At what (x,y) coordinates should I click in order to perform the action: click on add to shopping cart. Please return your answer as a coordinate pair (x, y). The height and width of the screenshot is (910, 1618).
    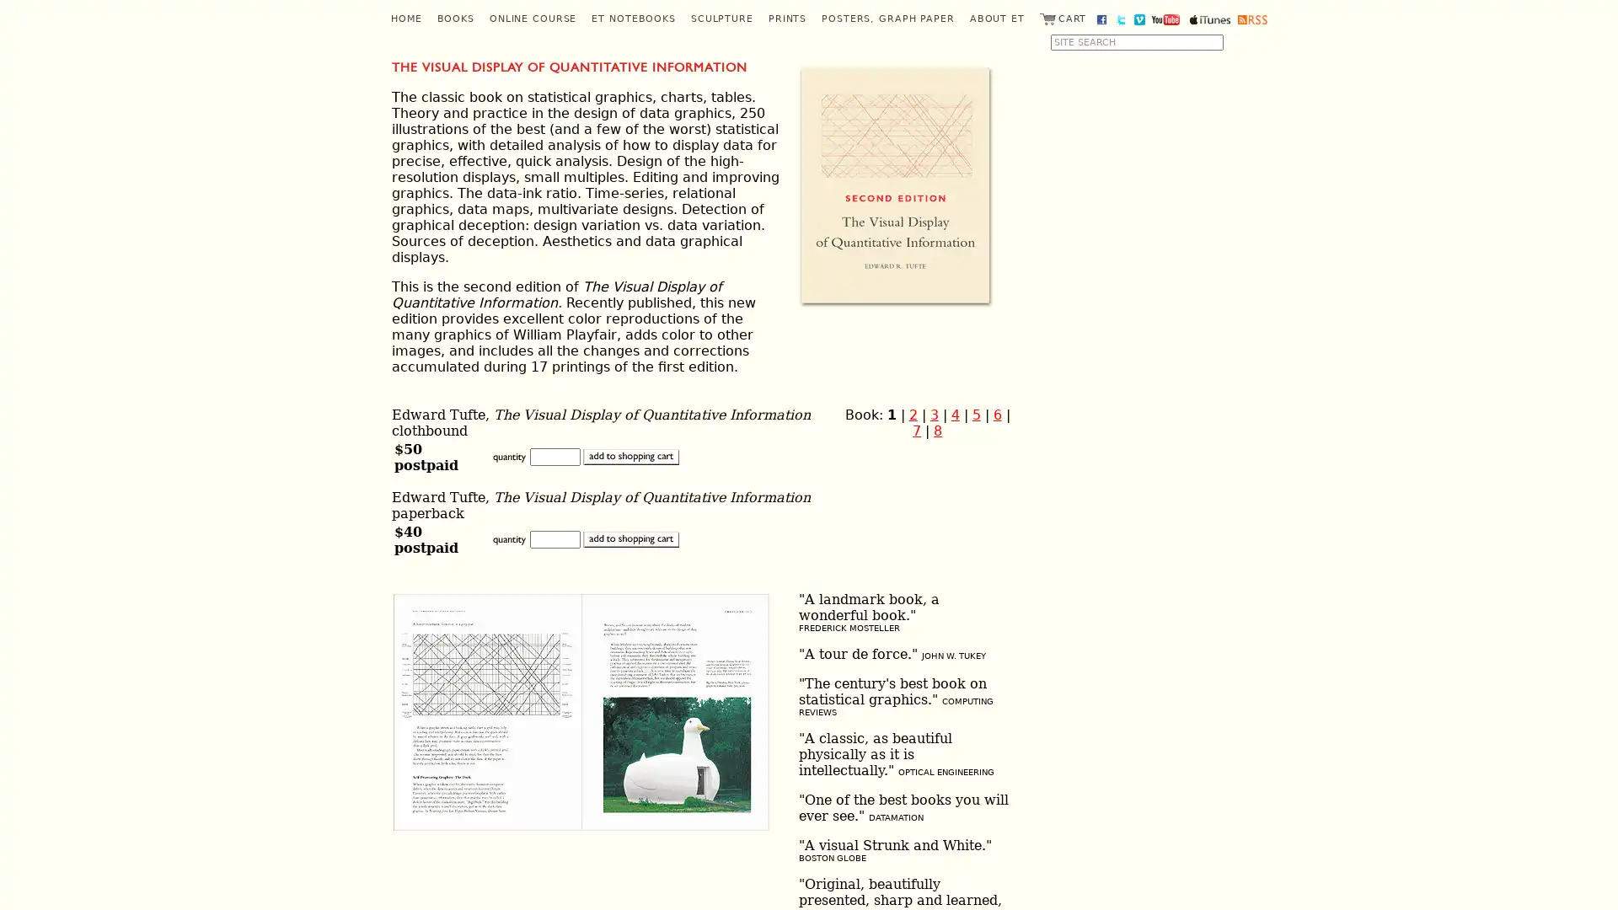
    Looking at the image, I should click on (630, 539).